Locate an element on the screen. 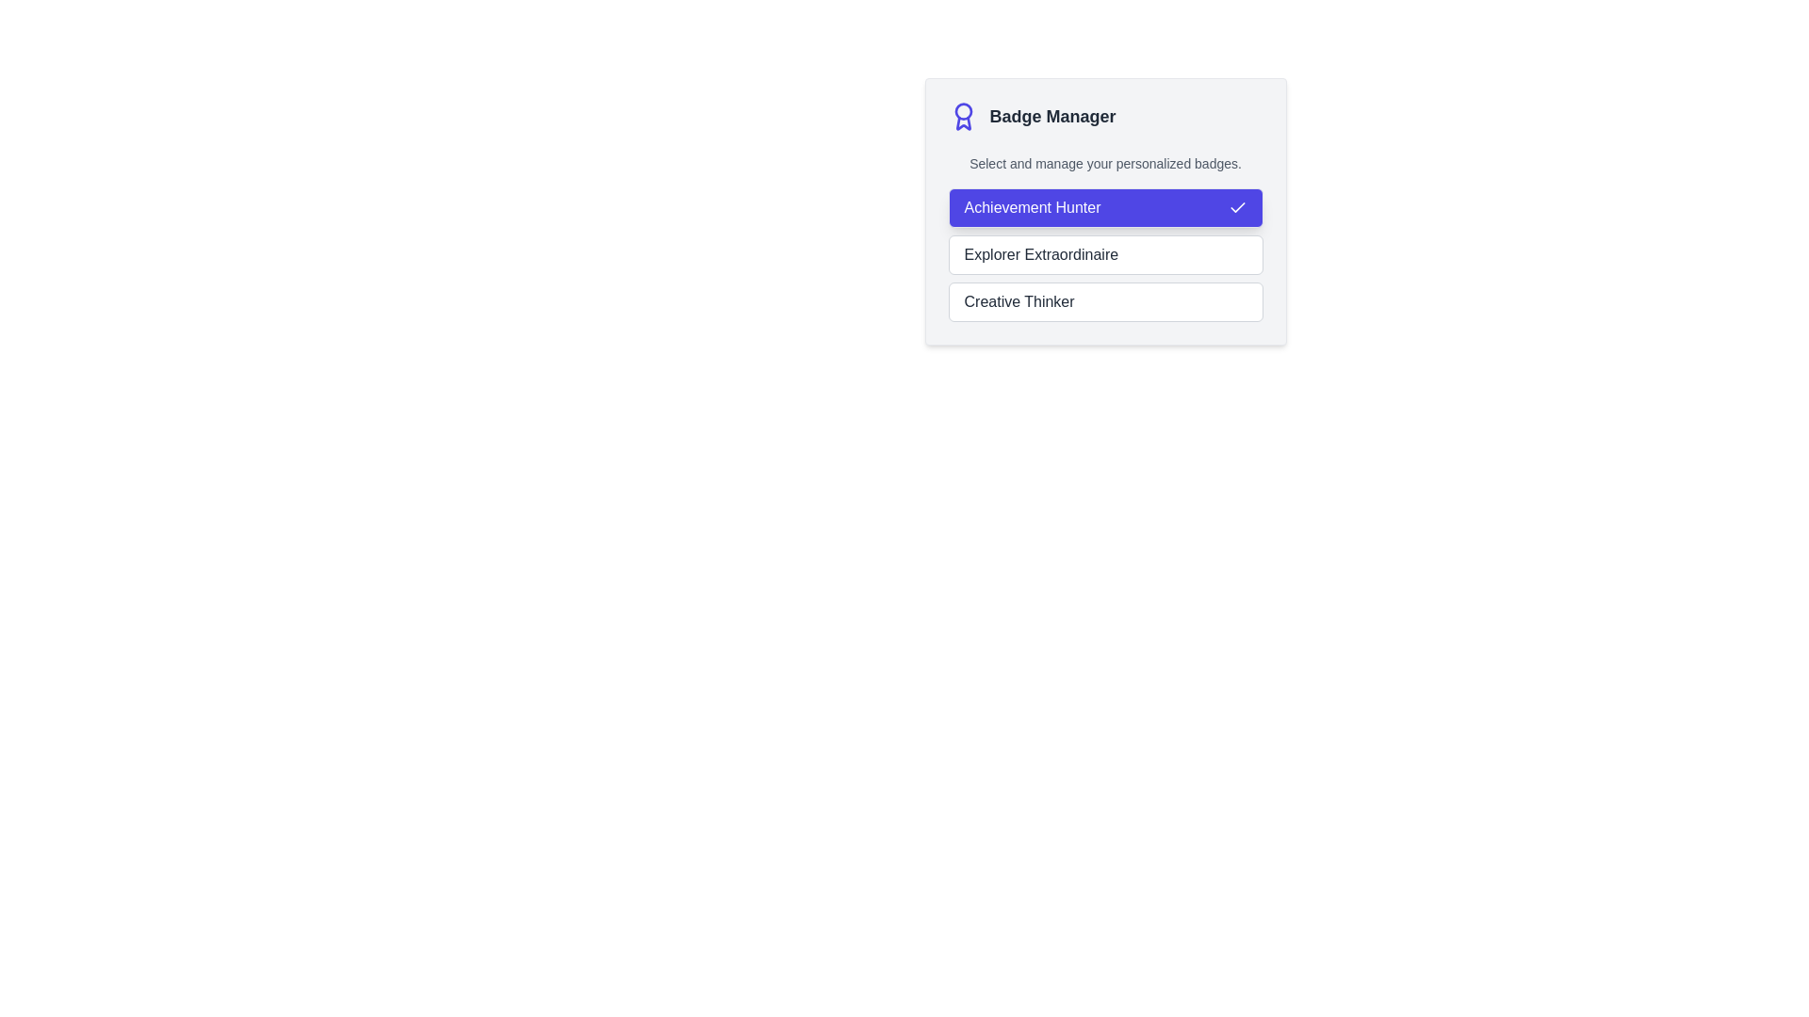 The width and height of the screenshot is (1809, 1017). the Text label positioned centrally in the second row of the vertical list of options within the 'Badge Manager' module, located beneath 'Achievement Hunter' and above 'Creative Thinker' is located at coordinates (1040, 254).